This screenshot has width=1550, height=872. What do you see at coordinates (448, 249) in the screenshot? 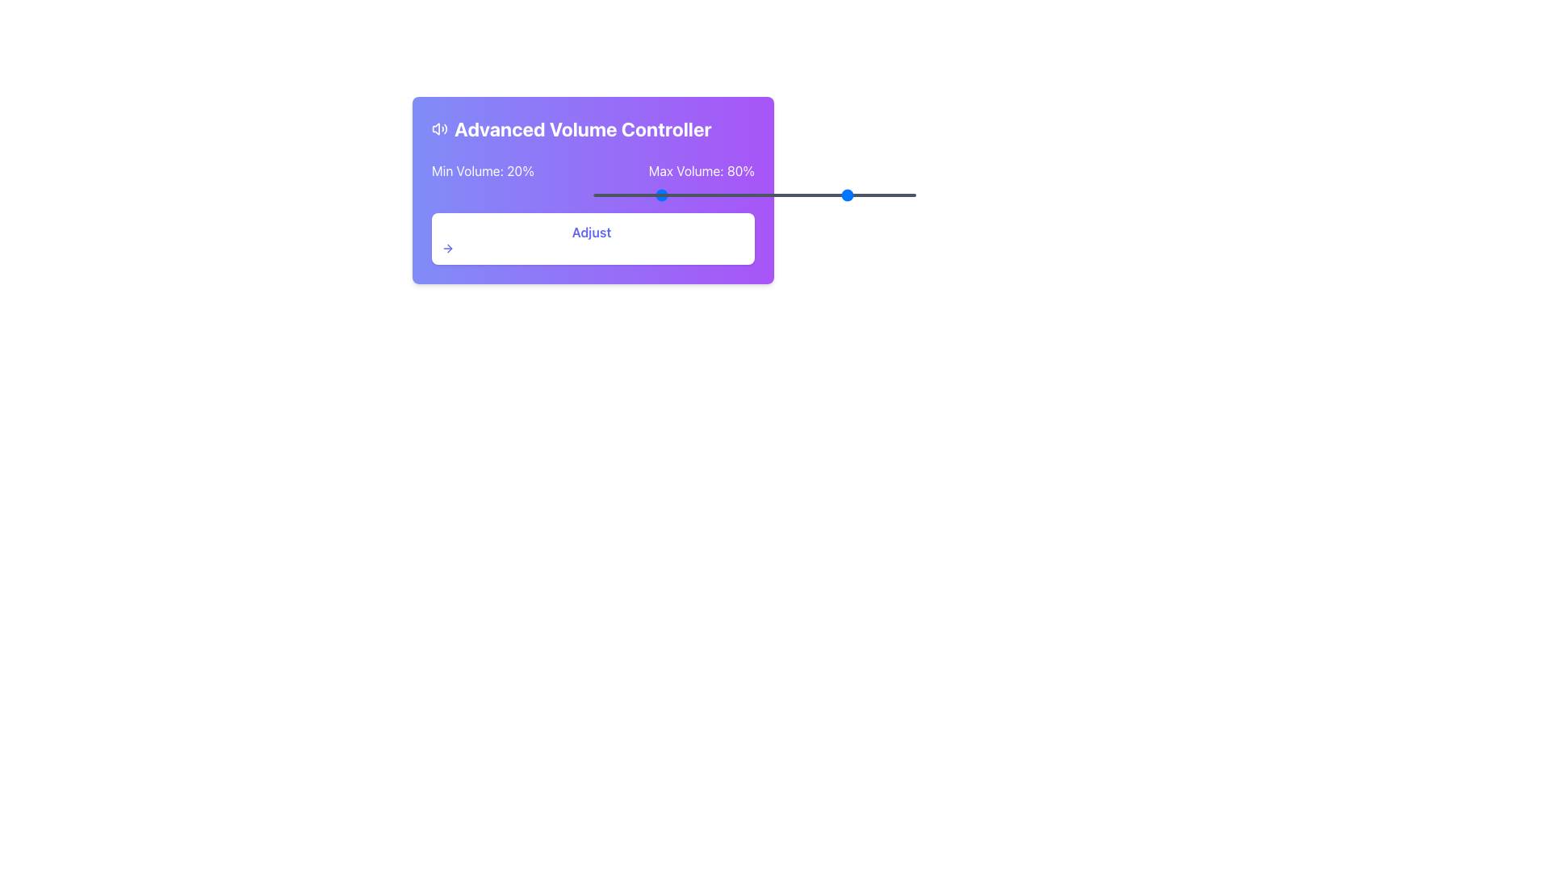
I see `the navigation icon located within the 'Adjust' button area, positioned towards the left end of the button's inner content` at bounding box center [448, 249].